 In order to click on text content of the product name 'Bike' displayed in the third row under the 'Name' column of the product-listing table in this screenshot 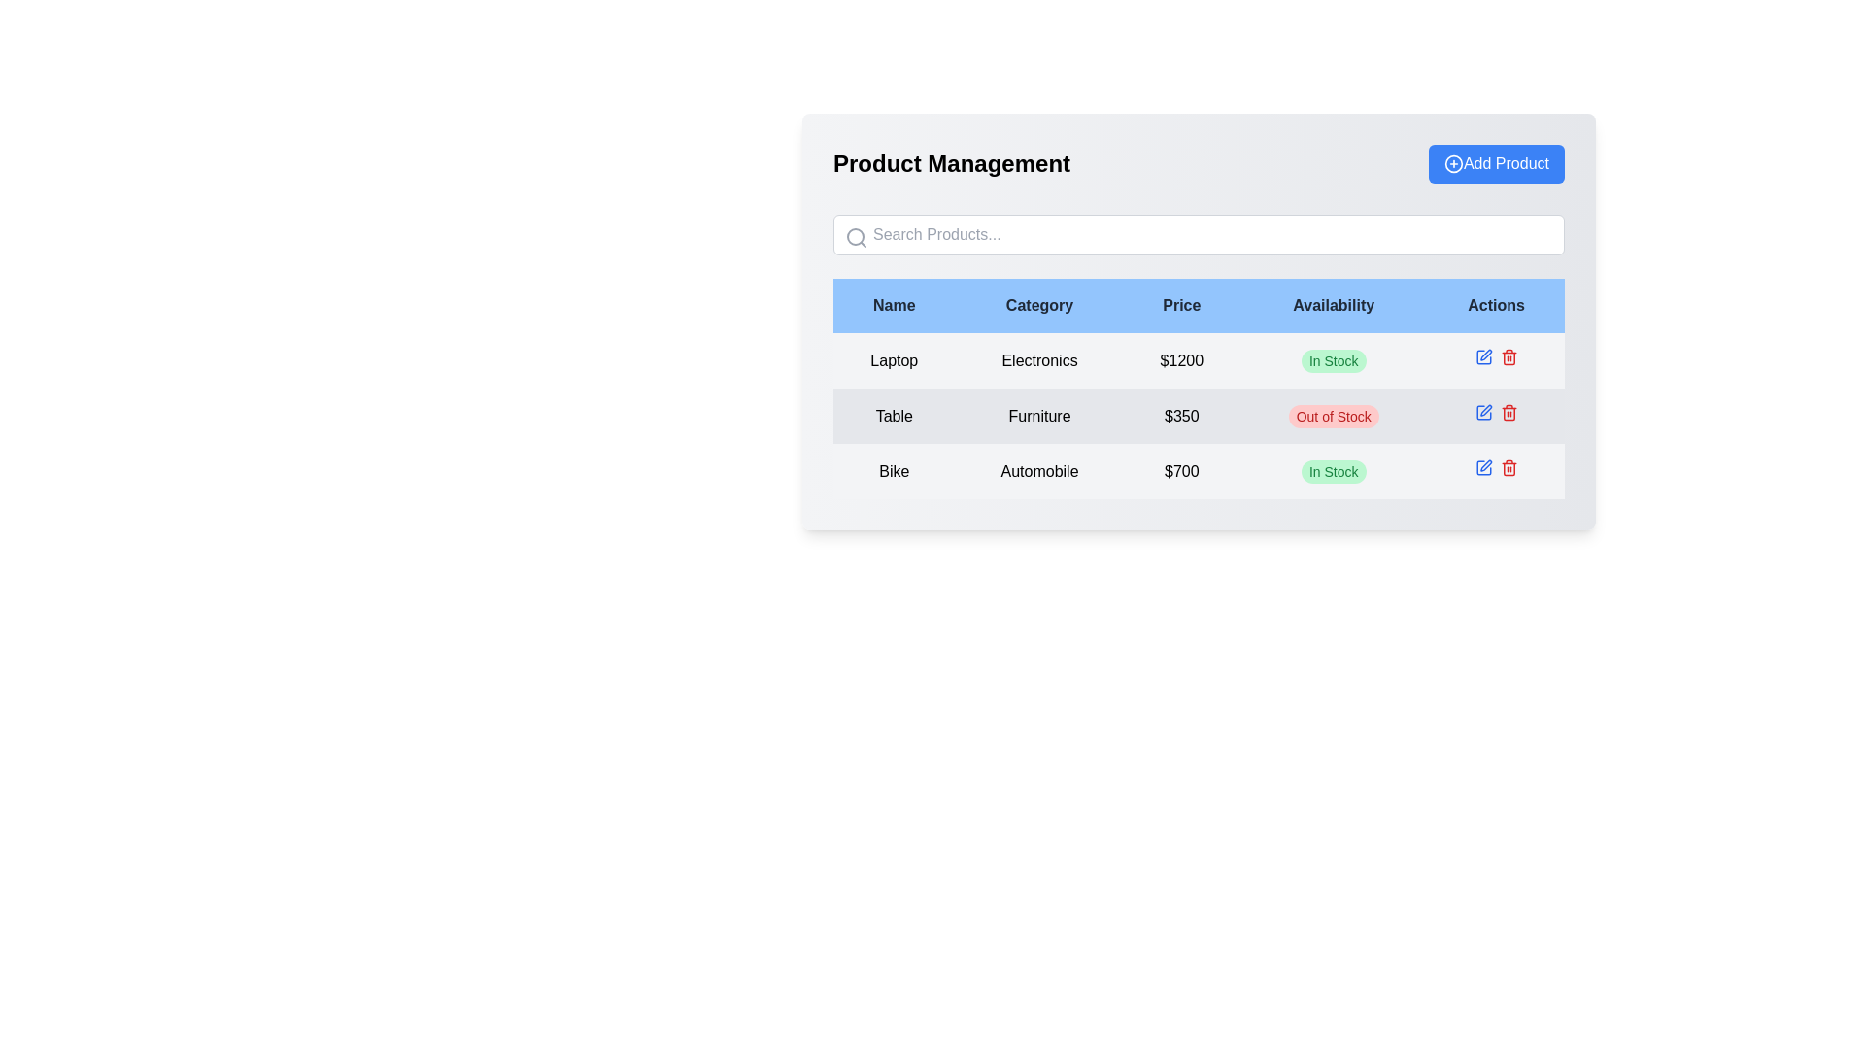, I will do `click(893, 471)`.